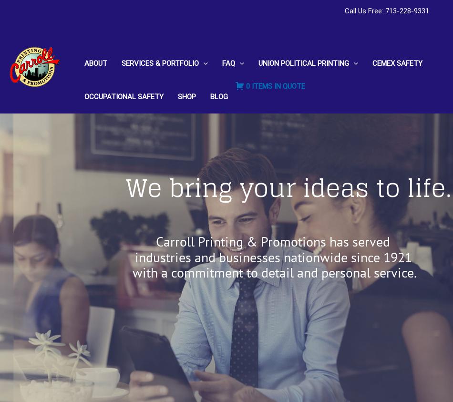 This screenshot has height=402, width=453. I want to click on '713-228-9331', so click(406, 10).